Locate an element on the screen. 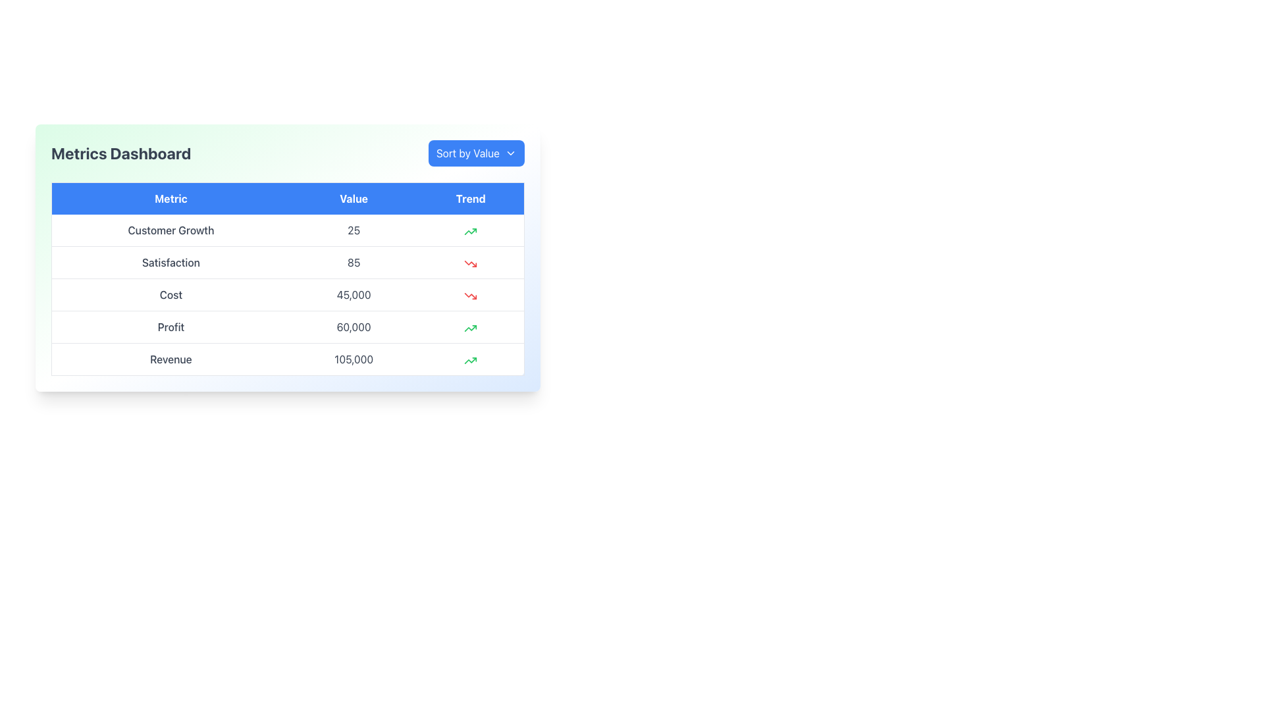 This screenshot has width=1264, height=711. the trend indicator icon with an upwards arrow styled in green, which indicates a positive trend in the 'Profit' column of the table is located at coordinates (471, 327).